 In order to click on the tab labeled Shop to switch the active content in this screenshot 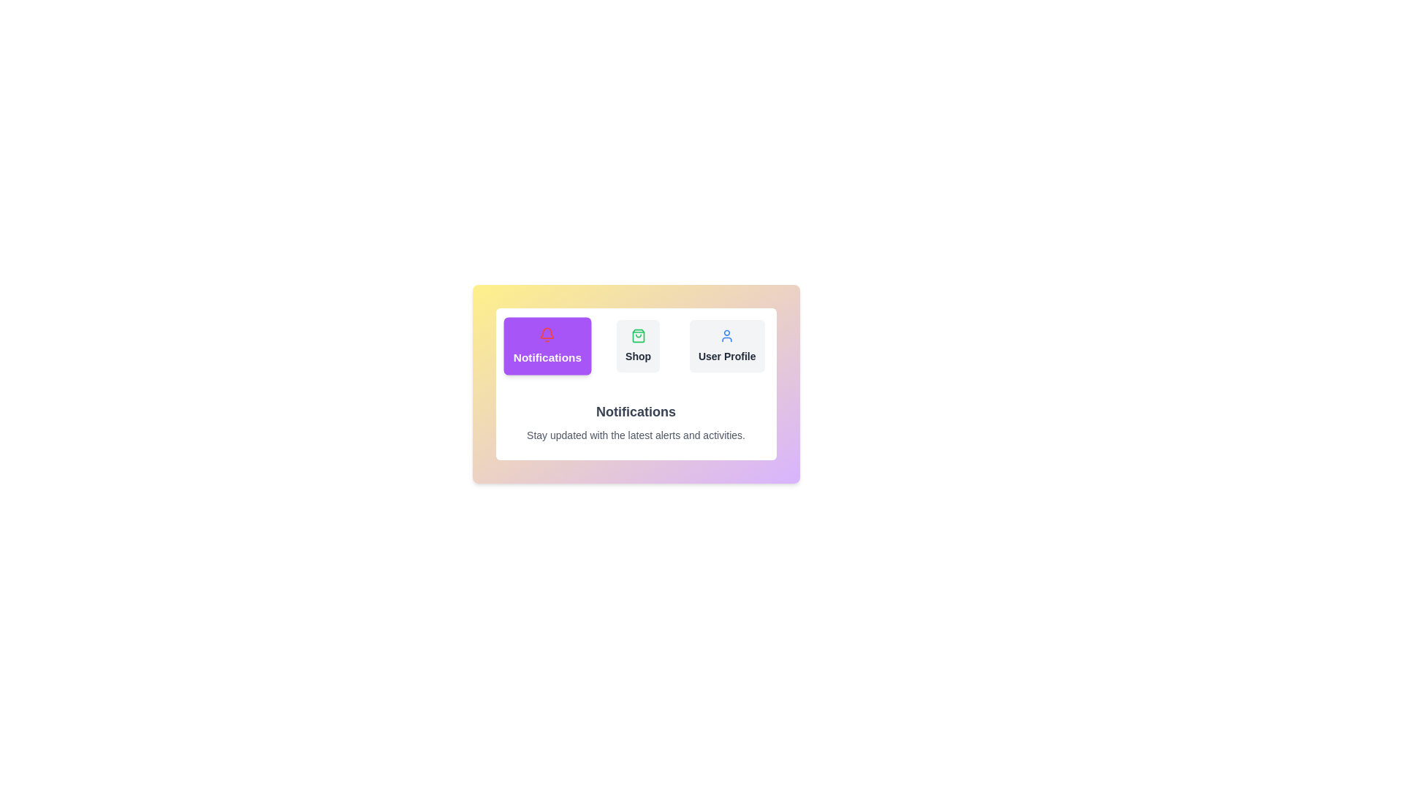, I will do `click(638, 346)`.